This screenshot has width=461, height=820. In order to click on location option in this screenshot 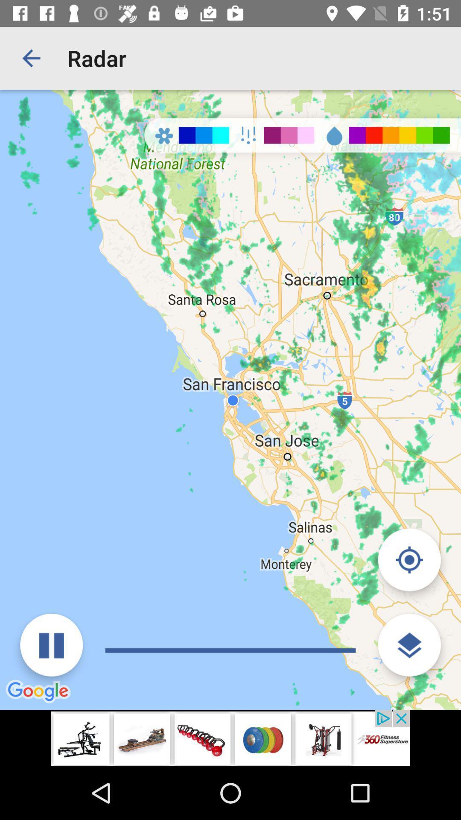, I will do `click(409, 559)`.